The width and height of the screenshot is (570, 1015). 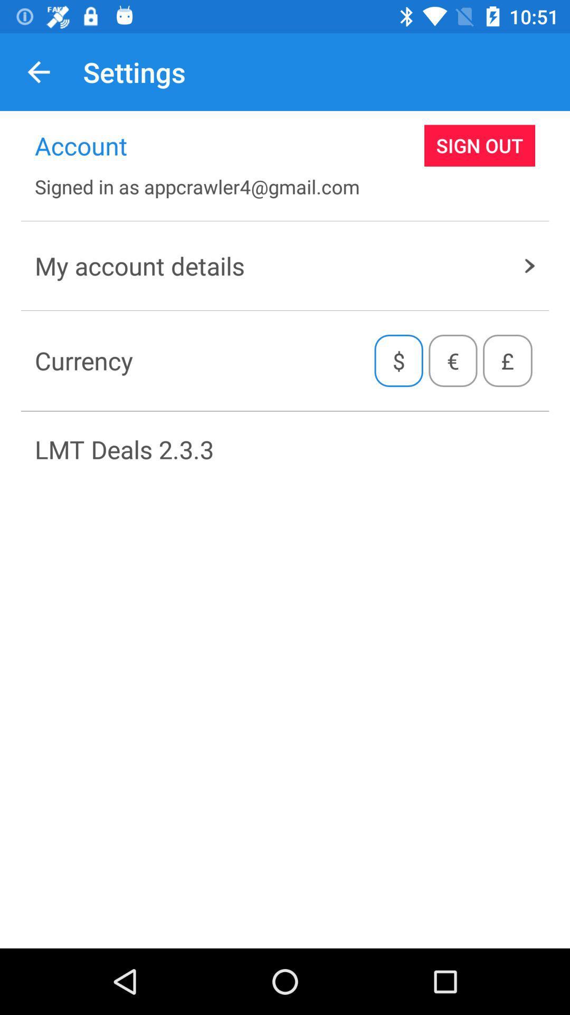 I want to click on icon above the account, so click(x=38, y=71).